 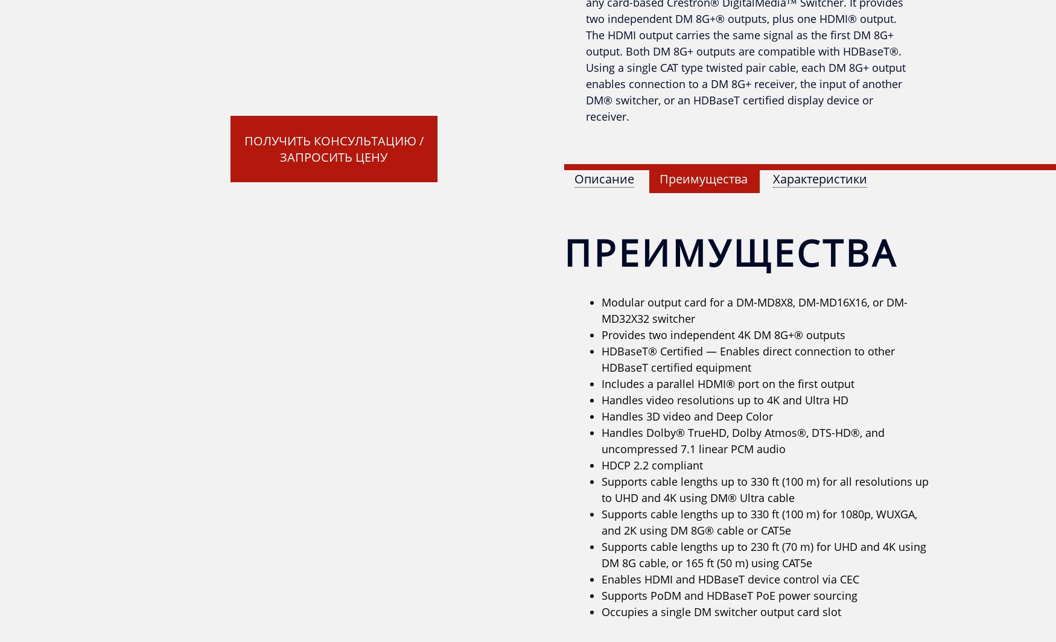 What do you see at coordinates (748, 359) in the screenshot?
I see `'HDBaseT® Certified — Enables direct connection to other HDBaseT certified equipment'` at bounding box center [748, 359].